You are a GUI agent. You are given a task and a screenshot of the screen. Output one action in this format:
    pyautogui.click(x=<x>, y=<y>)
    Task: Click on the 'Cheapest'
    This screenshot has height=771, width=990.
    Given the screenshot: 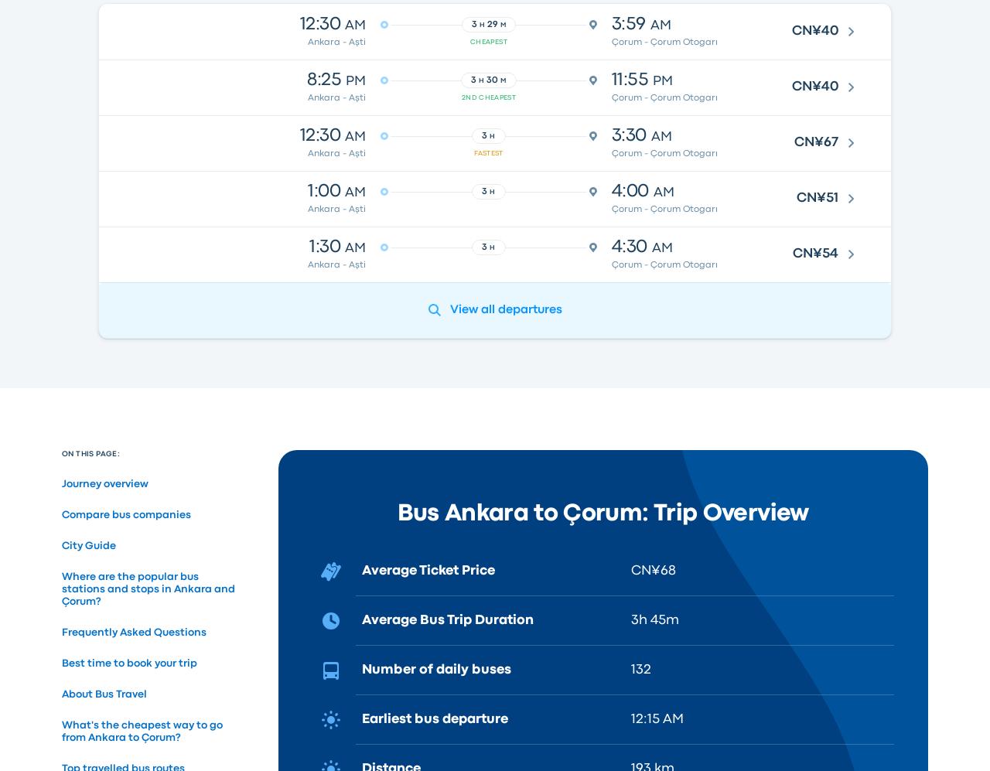 What is the action you would take?
    pyautogui.click(x=487, y=41)
    